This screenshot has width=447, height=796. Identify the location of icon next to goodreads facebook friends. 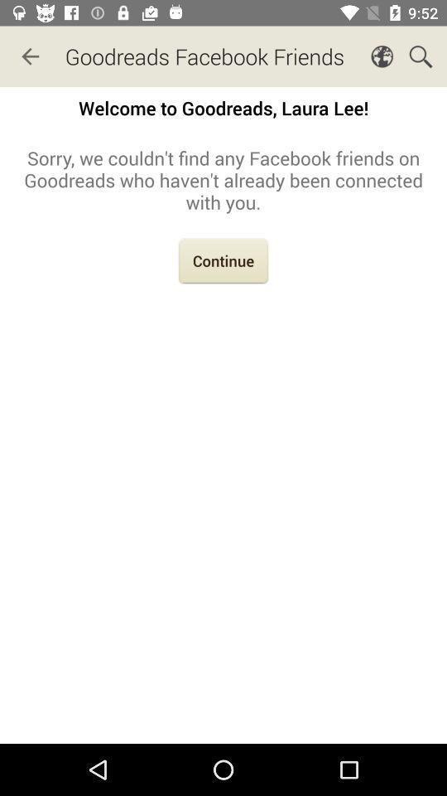
(30, 56).